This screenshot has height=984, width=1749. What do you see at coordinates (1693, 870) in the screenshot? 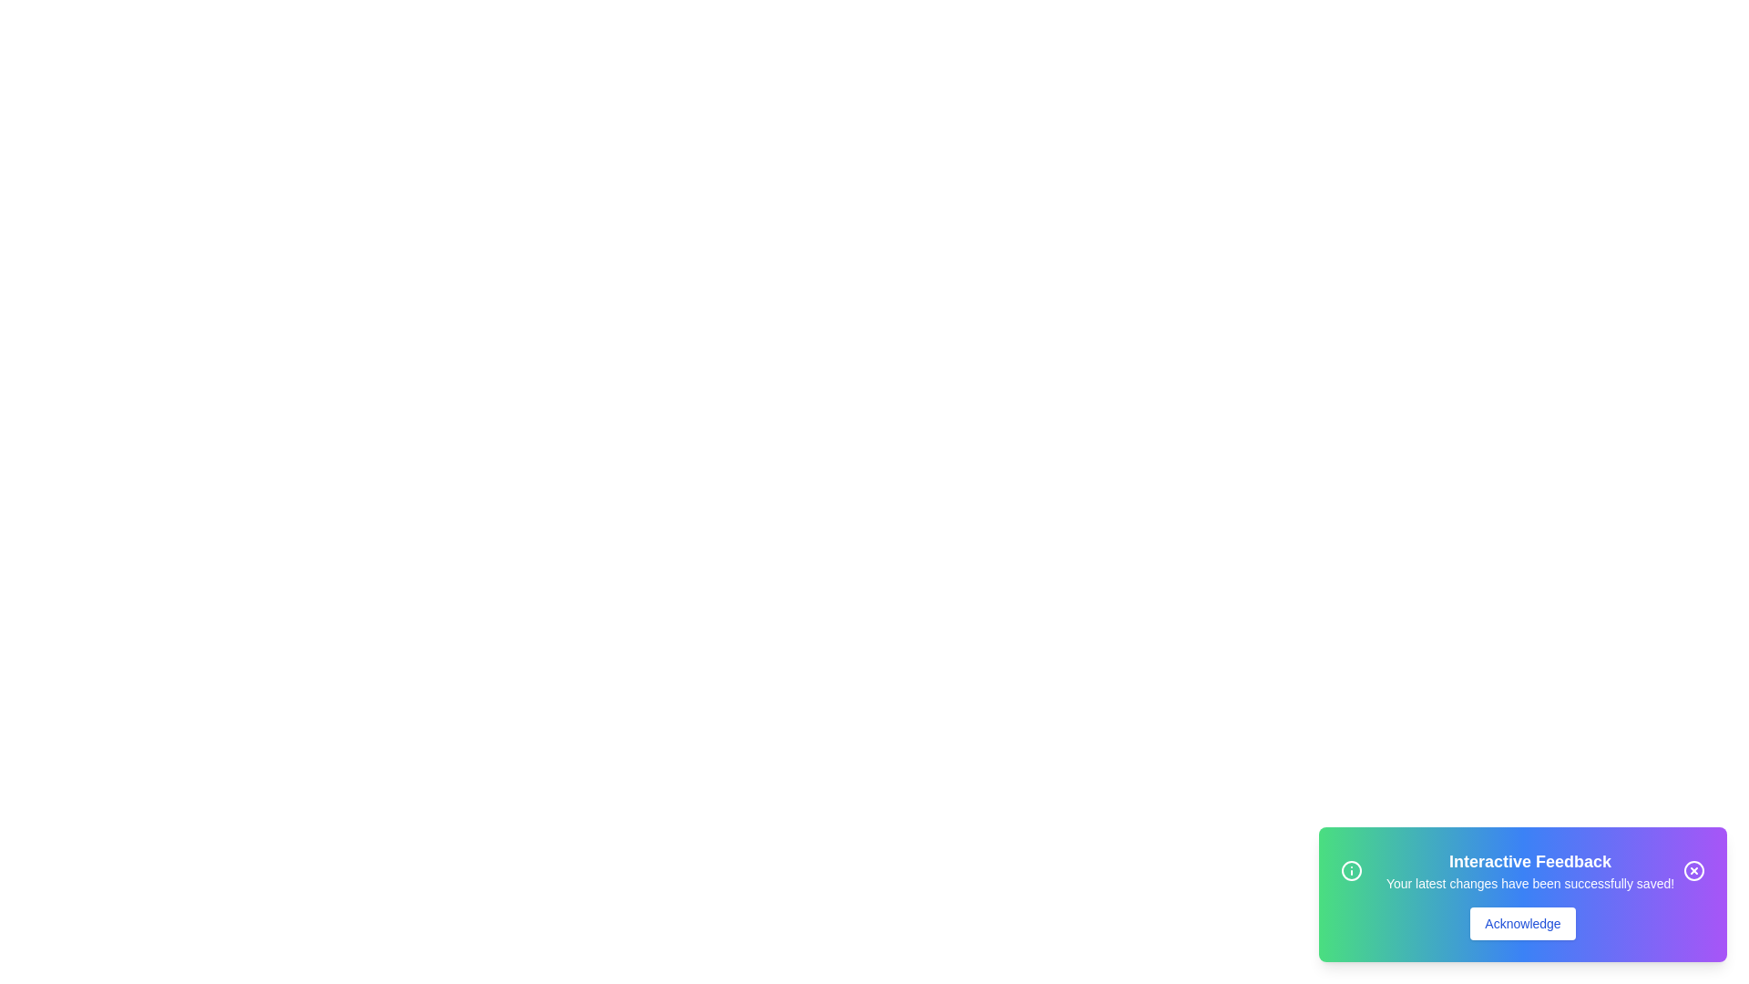
I see `the dismiss button located at the top-right corner of the notification bar containing the text 'Interactive Feedback'` at bounding box center [1693, 870].